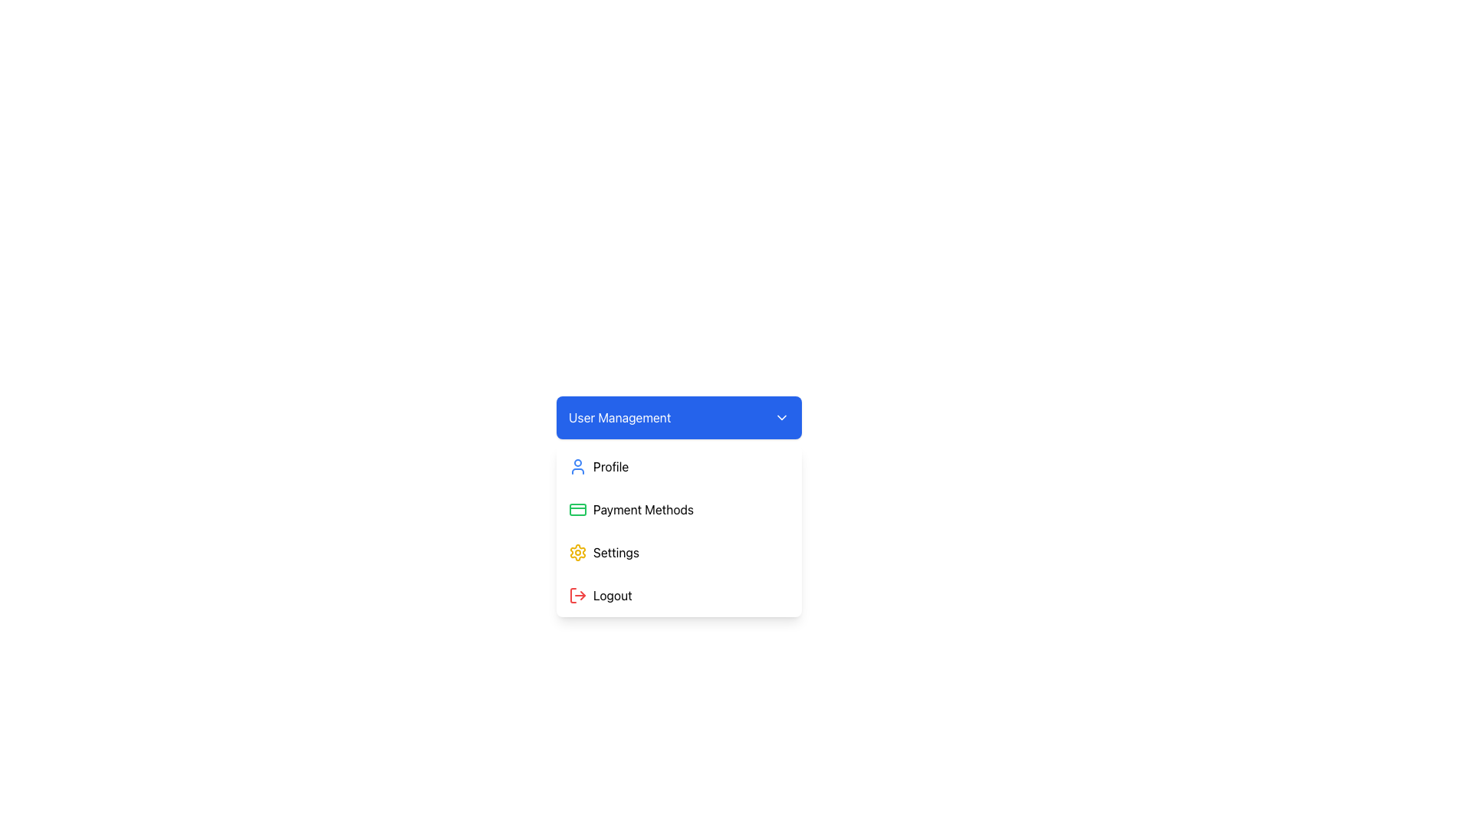  Describe the element at coordinates (781, 417) in the screenshot. I see `the Chevron-Down icon within the blue 'User Management' button` at that location.